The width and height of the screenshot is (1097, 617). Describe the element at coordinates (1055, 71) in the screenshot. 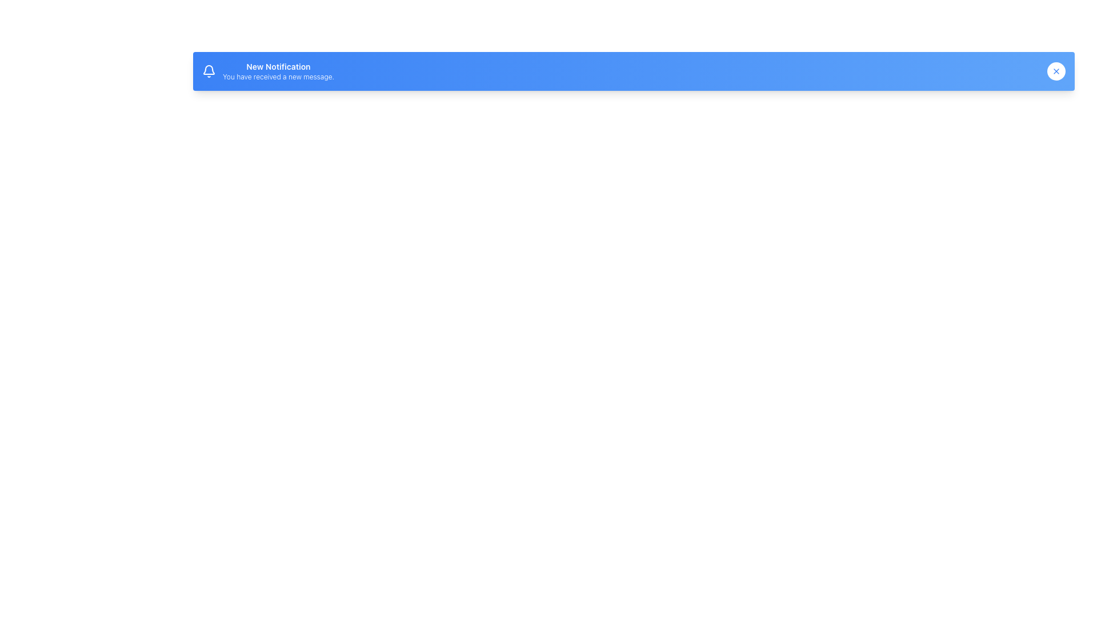

I see `the close button located at the far right end of the notification bar` at that location.